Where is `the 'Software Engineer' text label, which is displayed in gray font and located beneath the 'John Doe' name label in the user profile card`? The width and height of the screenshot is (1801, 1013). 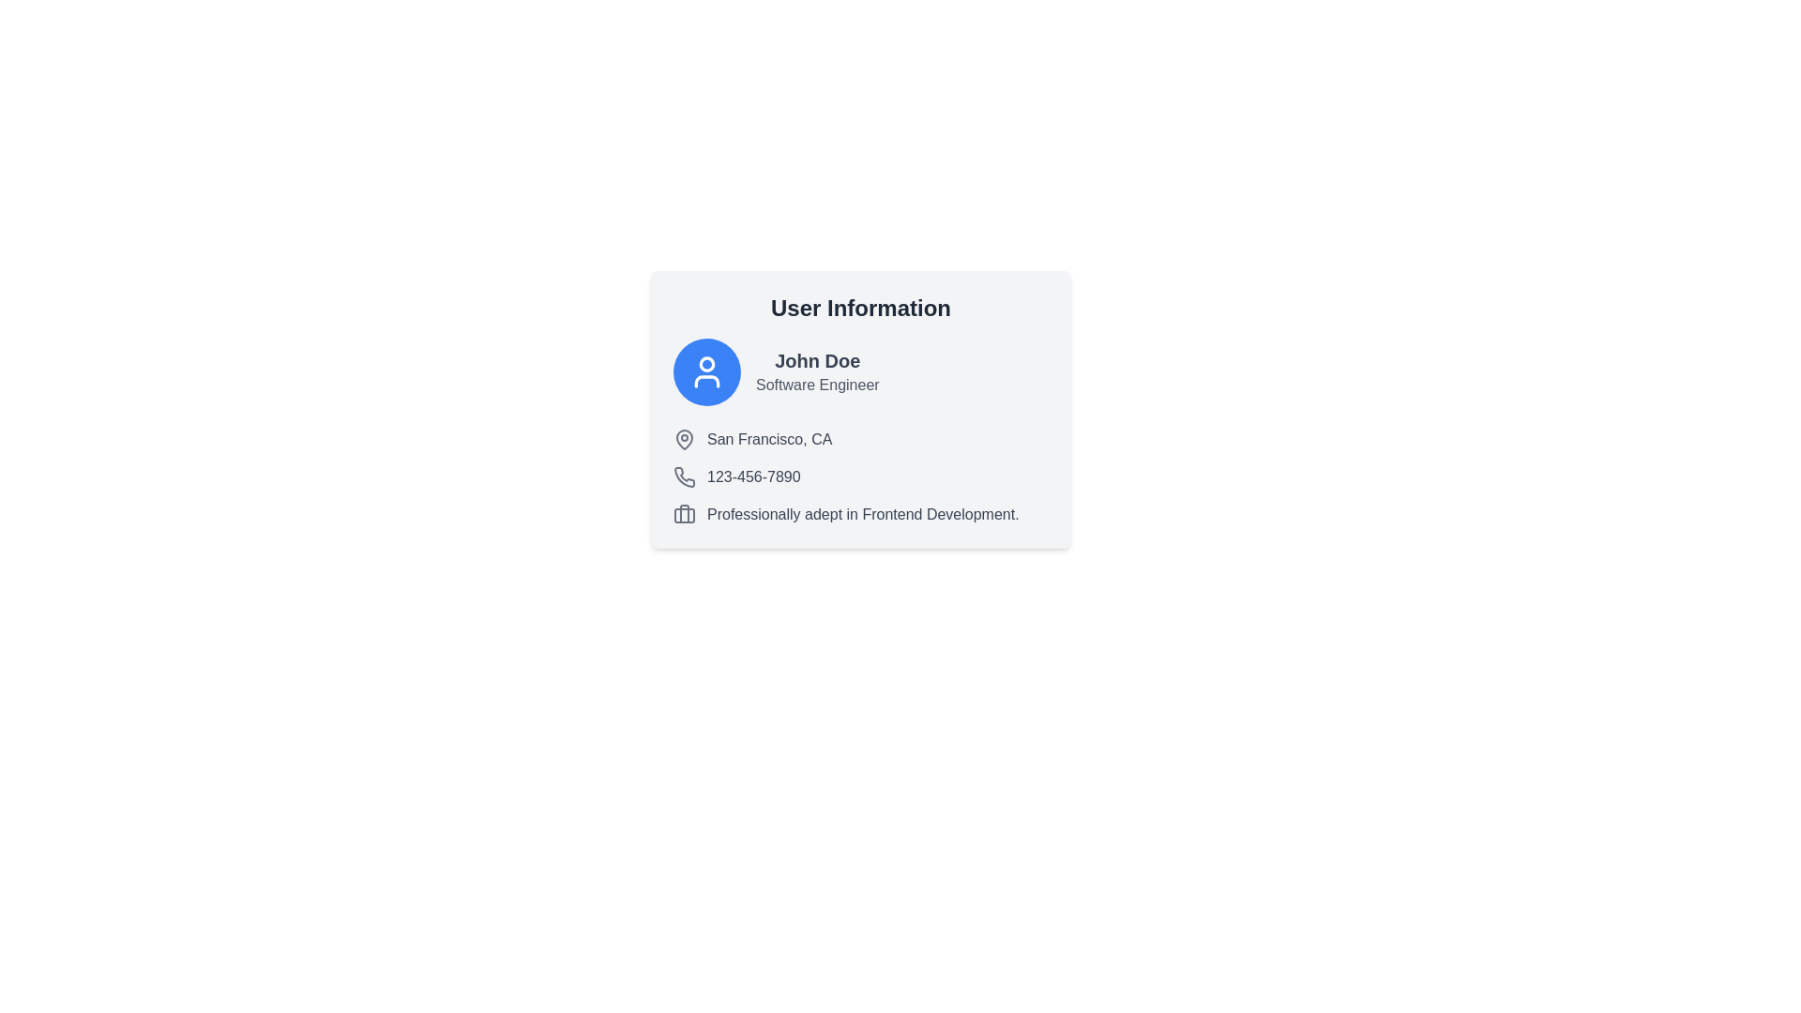
the 'Software Engineer' text label, which is displayed in gray font and located beneath the 'John Doe' name label in the user profile card is located at coordinates (817, 385).